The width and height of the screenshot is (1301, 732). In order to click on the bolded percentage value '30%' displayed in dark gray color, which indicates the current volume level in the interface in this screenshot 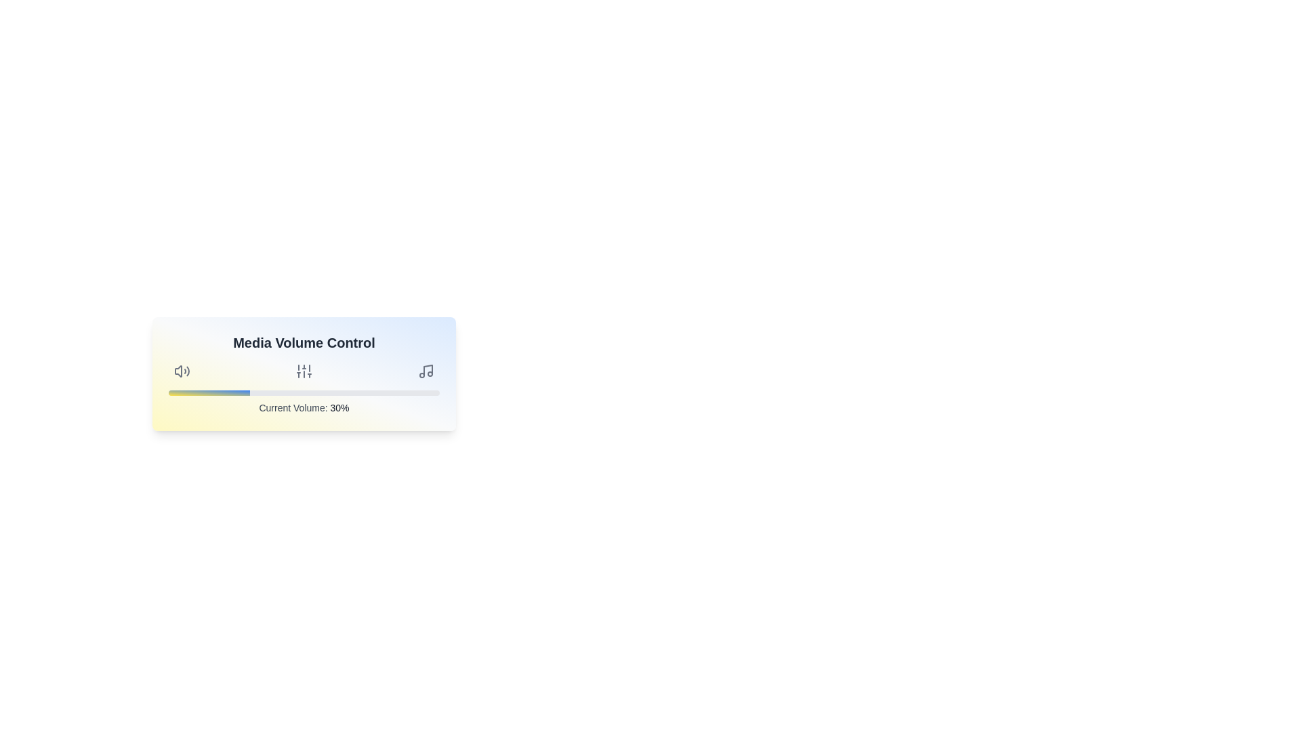, I will do `click(339, 407)`.